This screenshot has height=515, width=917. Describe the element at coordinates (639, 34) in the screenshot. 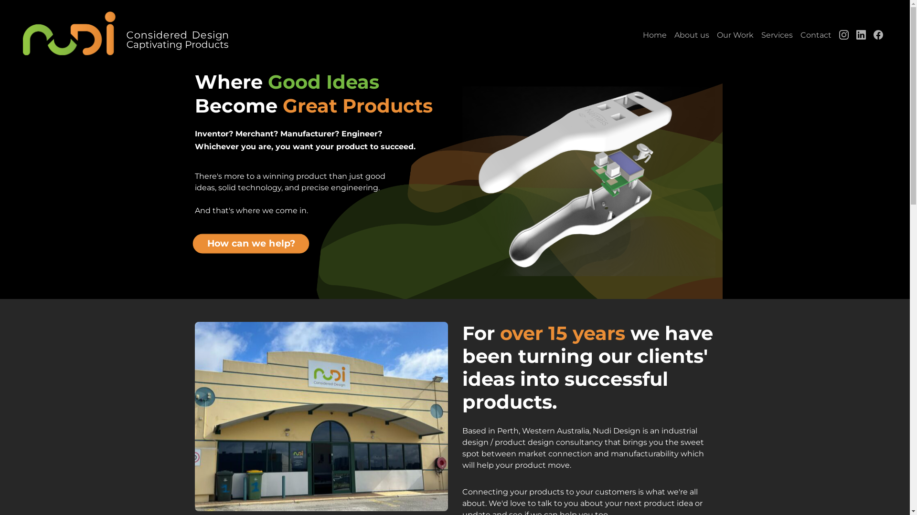

I see `'Home'` at that location.